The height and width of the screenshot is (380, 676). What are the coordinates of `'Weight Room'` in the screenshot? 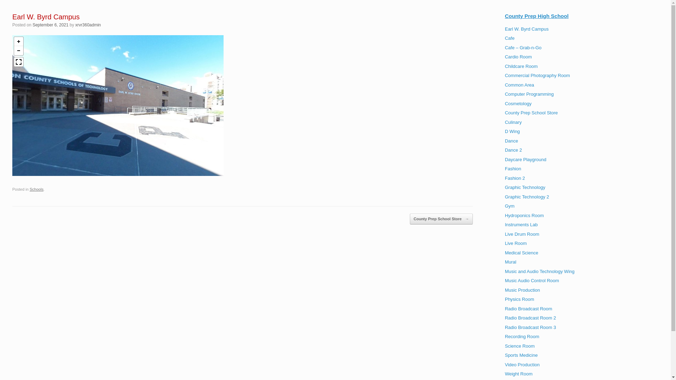 It's located at (519, 373).